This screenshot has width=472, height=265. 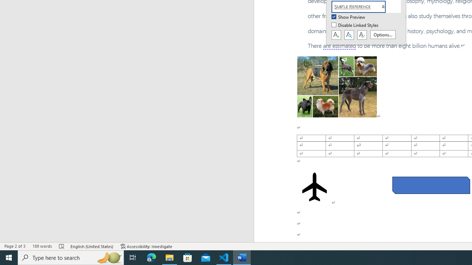 I want to click on 'Language English (United States)', so click(x=92, y=246).